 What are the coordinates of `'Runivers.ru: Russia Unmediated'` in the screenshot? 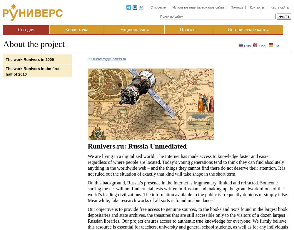 It's located at (137, 146).